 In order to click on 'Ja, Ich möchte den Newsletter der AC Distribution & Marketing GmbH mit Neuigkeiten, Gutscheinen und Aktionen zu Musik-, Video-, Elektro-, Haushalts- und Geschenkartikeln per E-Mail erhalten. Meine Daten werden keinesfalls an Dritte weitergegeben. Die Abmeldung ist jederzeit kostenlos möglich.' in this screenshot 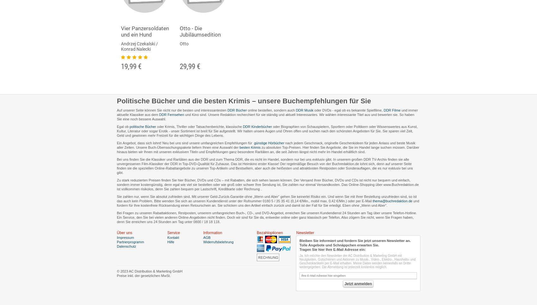, I will do `click(357, 261)`.